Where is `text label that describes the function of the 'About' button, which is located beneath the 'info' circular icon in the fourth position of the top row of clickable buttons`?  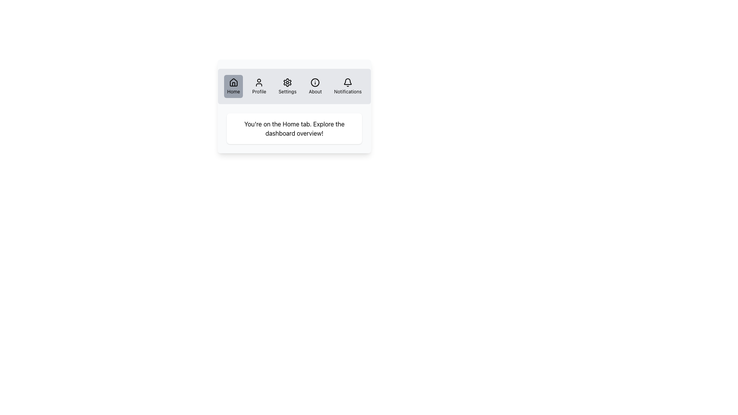 text label that describes the function of the 'About' button, which is located beneath the 'info' circular icon in the fourth position of the top row of clickable buttons is located at coordinates (315, 91).